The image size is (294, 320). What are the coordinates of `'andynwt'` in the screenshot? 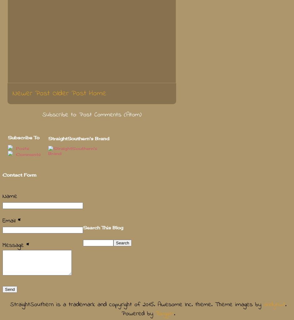 It's located at (274, 304).